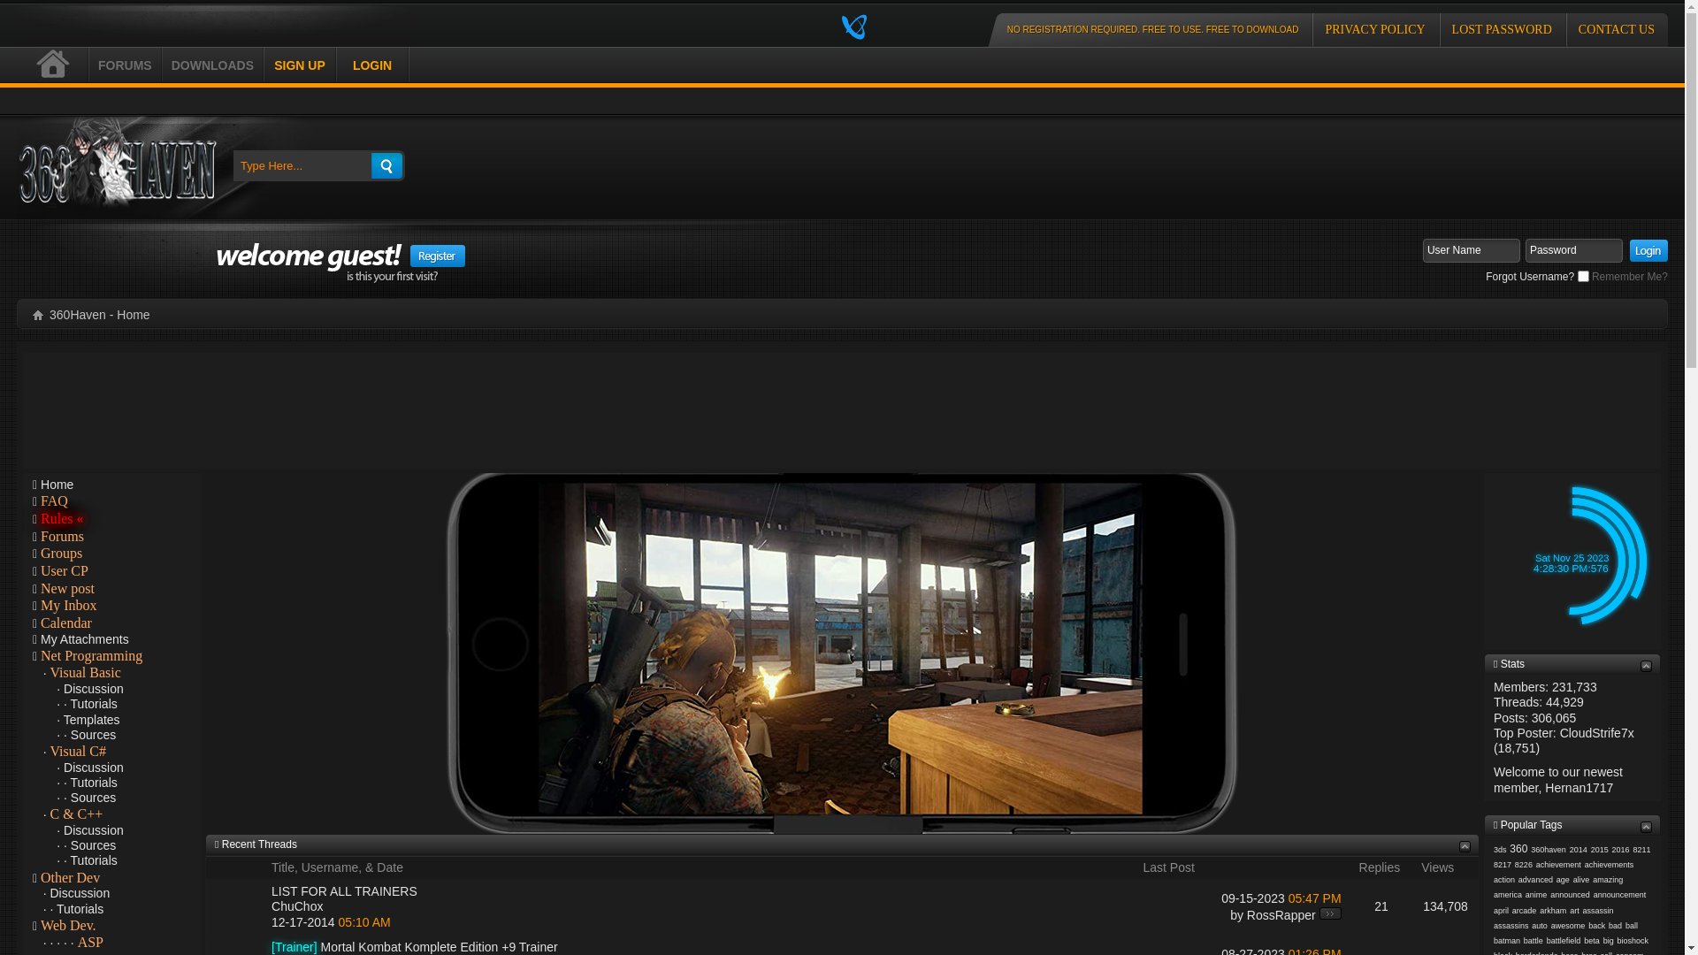 The image size is (1698, 955). What do you see at coordinates (41, 655) in the screenshot?
I see `'Net Programming'` at bounding box center [41, 655].